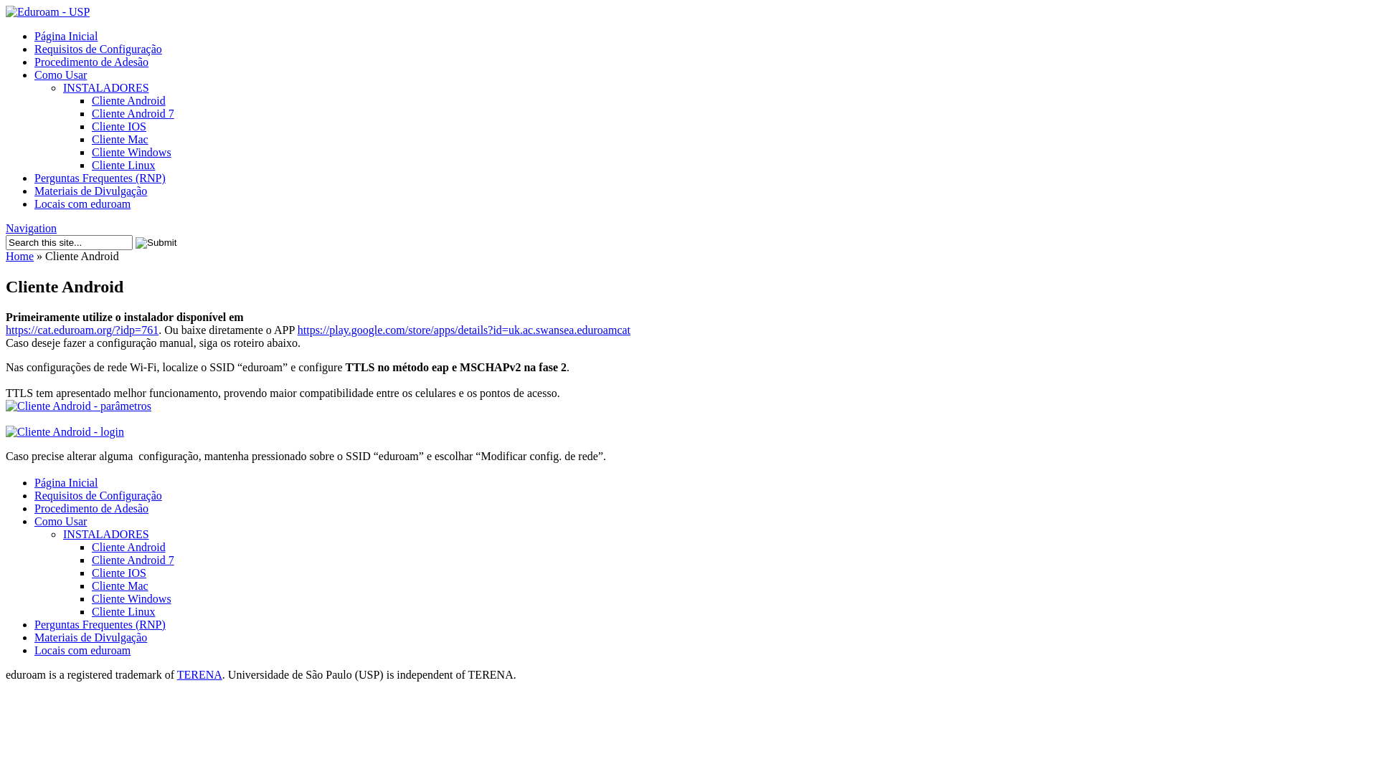  I want to click on 'Cliente Mac', so click(91, 586).